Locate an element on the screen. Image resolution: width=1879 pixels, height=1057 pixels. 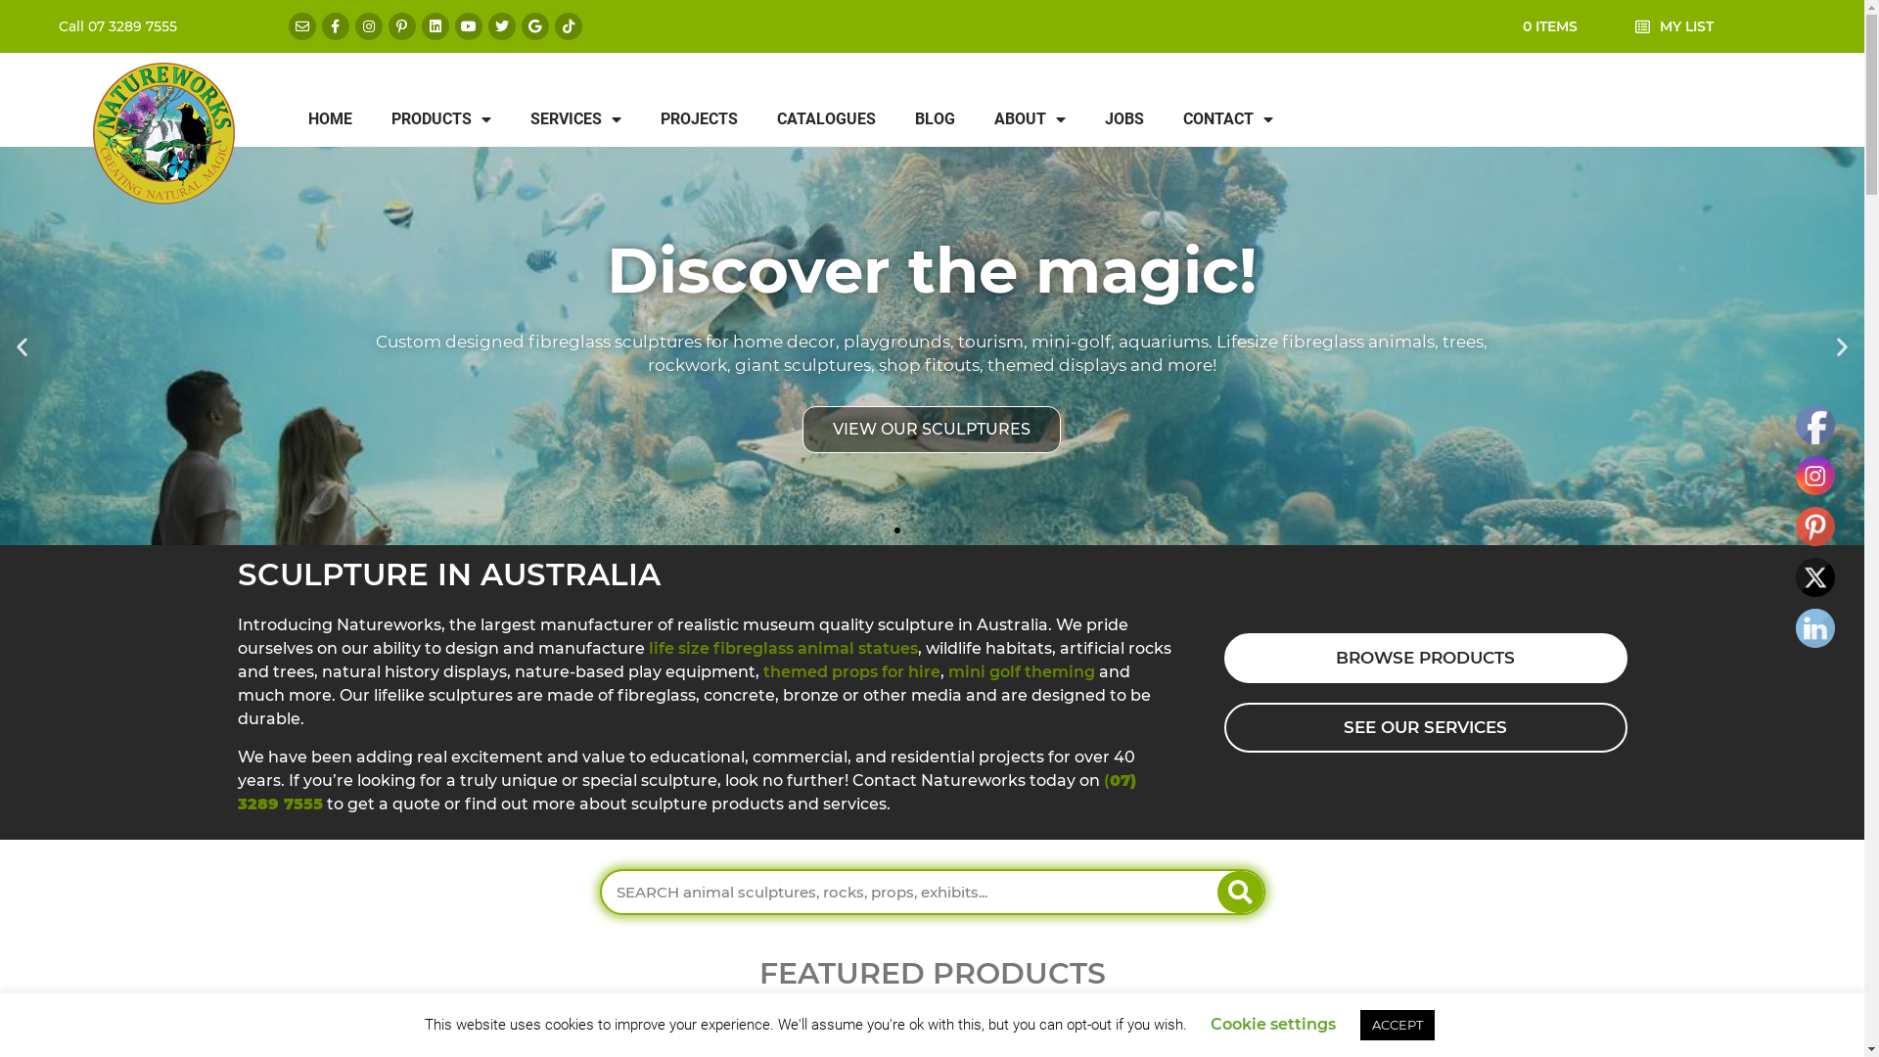
'themed props for hire' is located at coordinates (851, 670).